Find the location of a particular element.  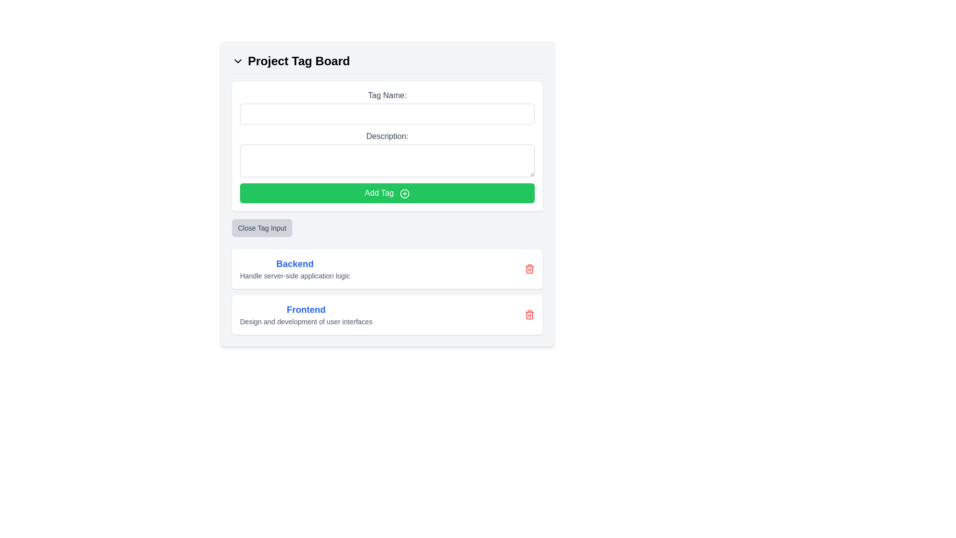

the 'Backend' text label is located at coordinates (294, 269).